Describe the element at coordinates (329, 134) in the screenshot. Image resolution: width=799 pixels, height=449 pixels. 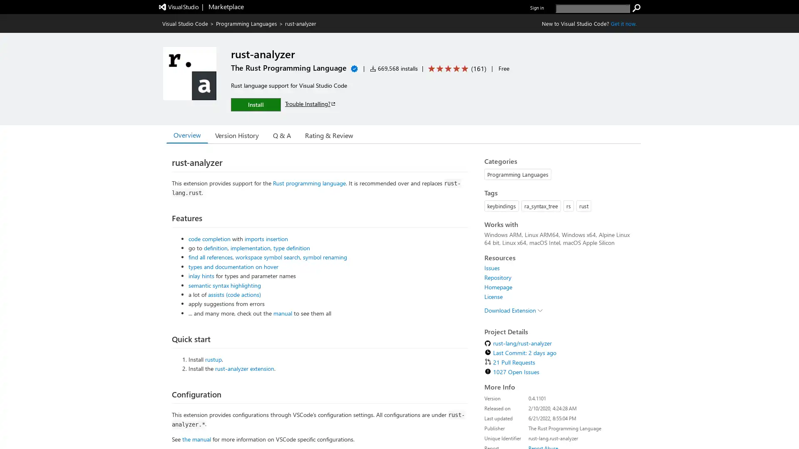
I see `Rating & Review` at that location.